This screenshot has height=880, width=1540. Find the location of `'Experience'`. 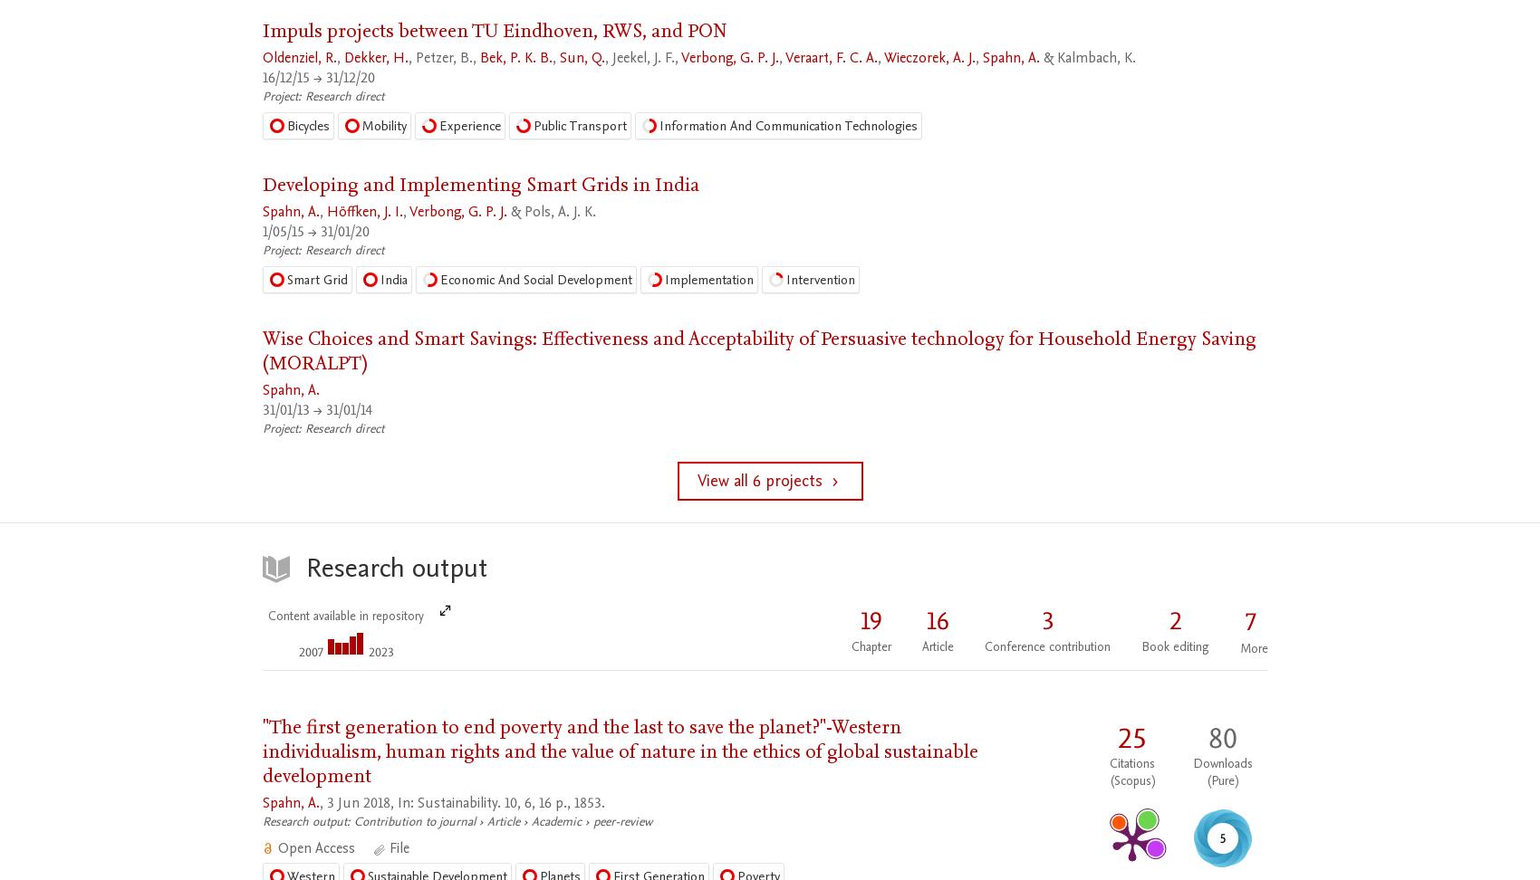

'Experience' is located at coordinates (470, 125).